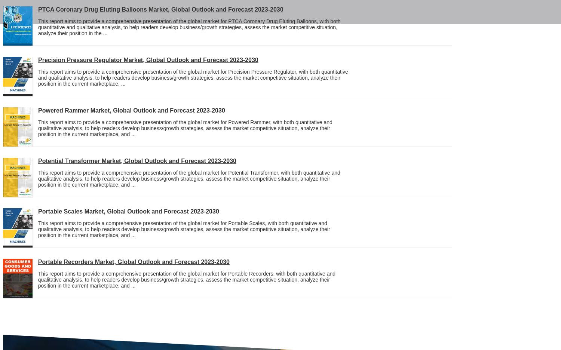  Describe the element at coordinates (131, 110) in the screenshot. I see `'Powered Rammer Market, Global Outlook and Forecast 2023-2030'` at that location.